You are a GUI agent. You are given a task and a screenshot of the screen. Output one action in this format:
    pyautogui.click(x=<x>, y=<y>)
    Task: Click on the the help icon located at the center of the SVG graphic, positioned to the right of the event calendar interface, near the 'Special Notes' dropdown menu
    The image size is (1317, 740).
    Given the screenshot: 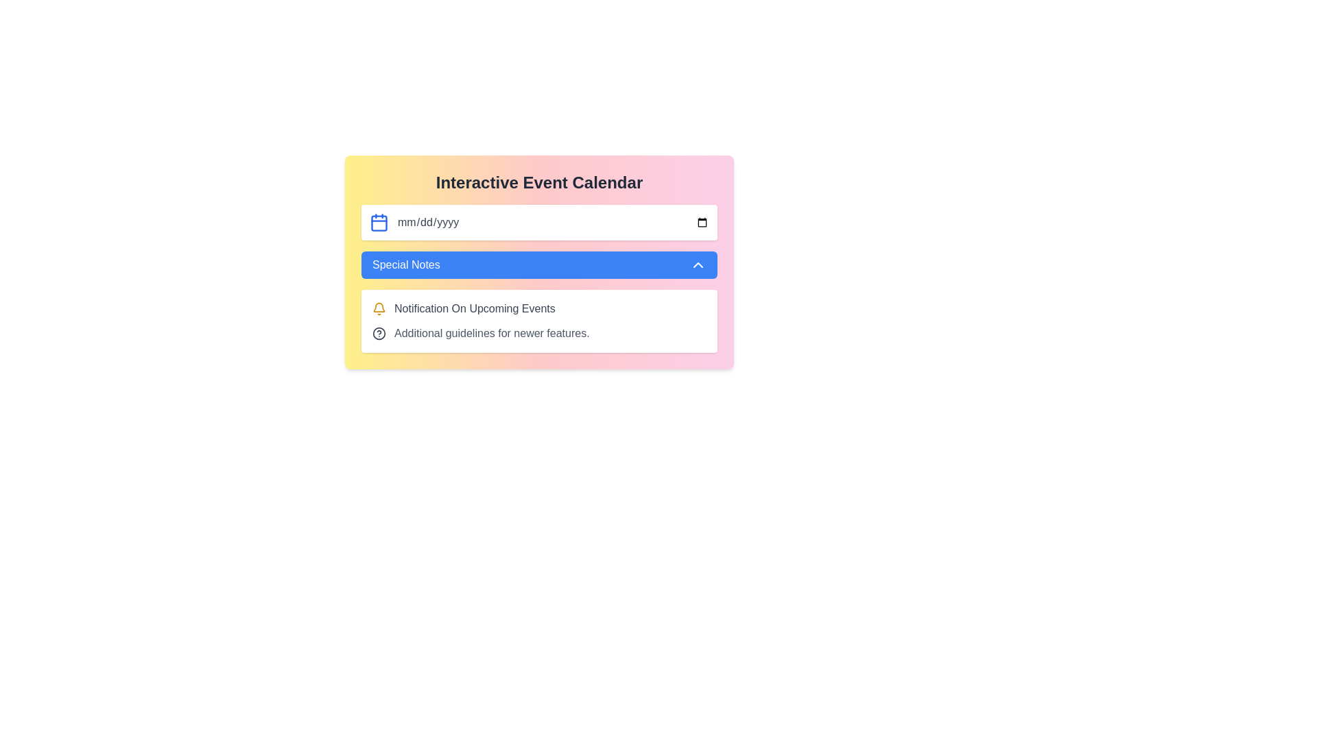 What is the action you would take?
    pyautogui.click(x=379, y=333)
    